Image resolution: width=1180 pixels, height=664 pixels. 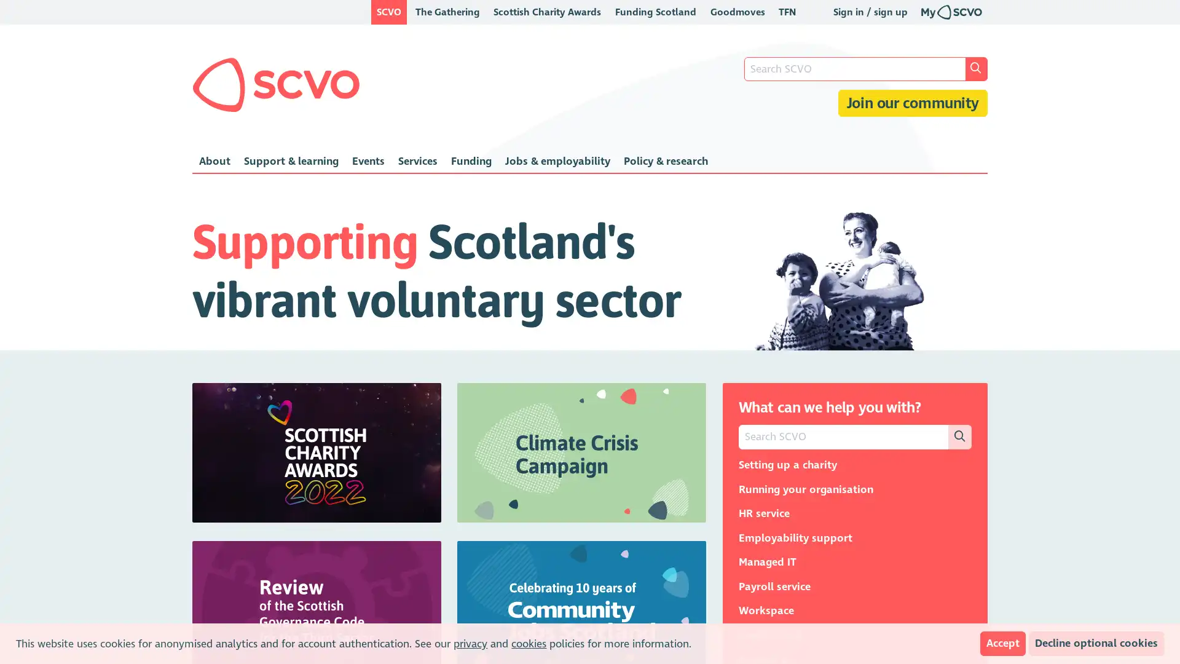 What do you see at coordinates (1095, 642) in the screenshot?
I see `Decline optional cookies Block anonymised analytics` at bounding box center [1095, 642].